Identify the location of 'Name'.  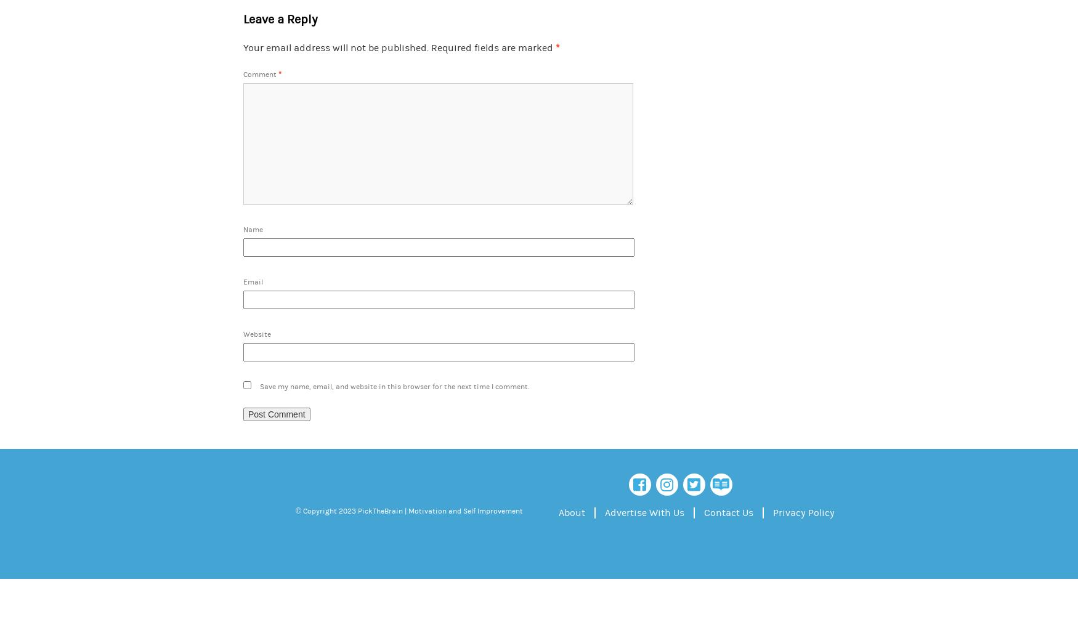
(253, 229).